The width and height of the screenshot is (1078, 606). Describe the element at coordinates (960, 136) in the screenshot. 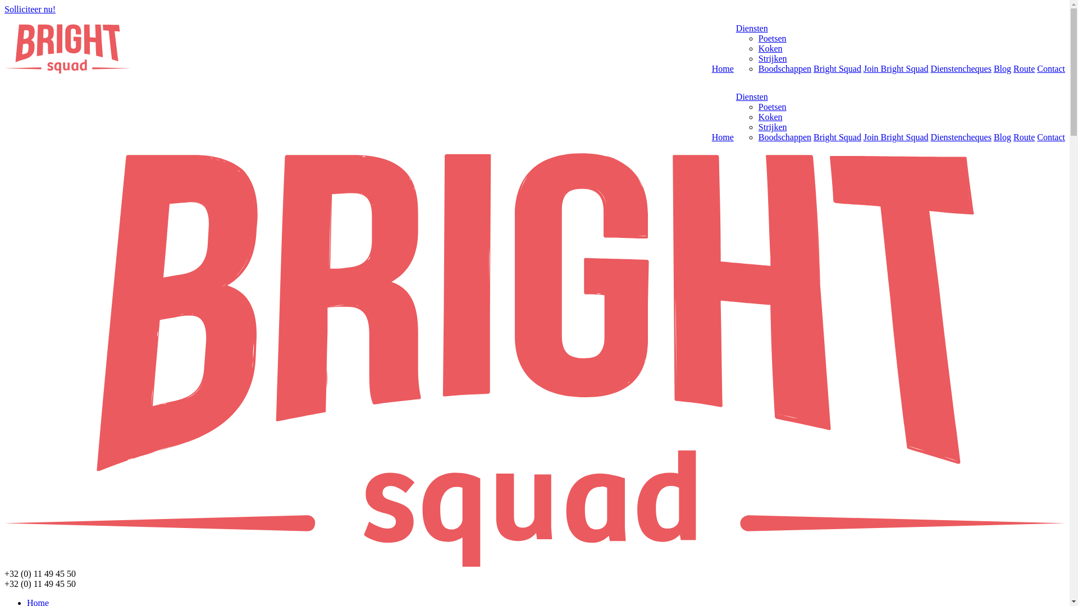

I see `'Dienstencheques'` at that location.